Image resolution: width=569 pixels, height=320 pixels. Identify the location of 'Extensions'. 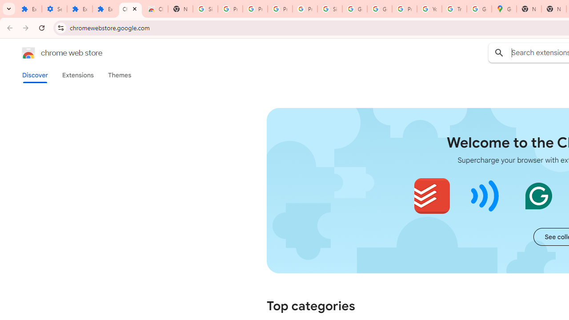
(77, 75).